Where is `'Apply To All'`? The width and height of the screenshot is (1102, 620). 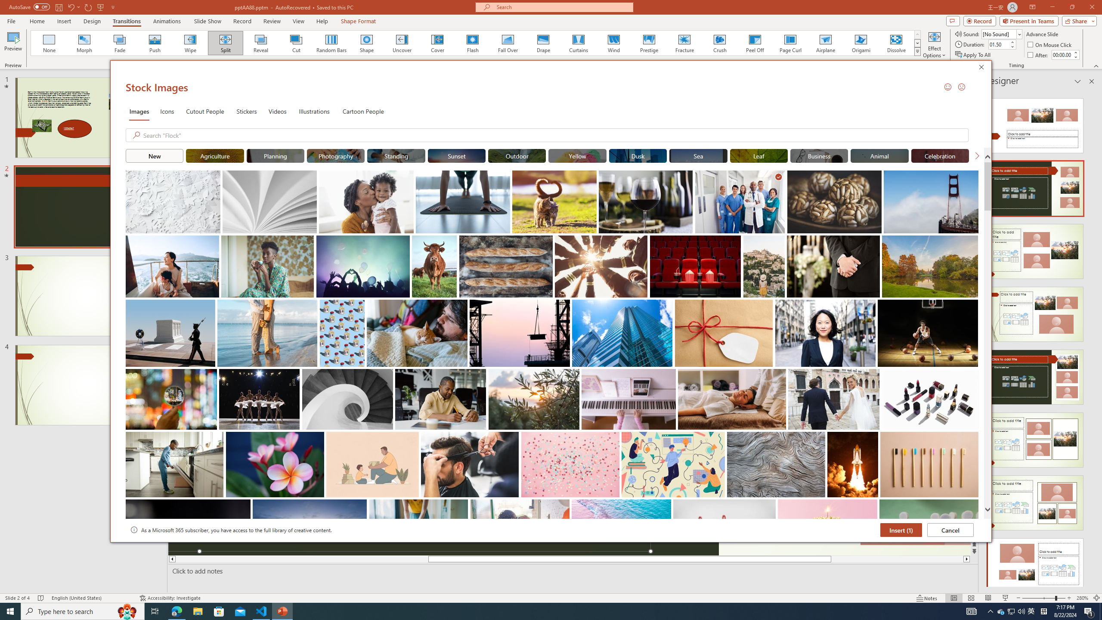
'Apply To All' is located at coordinates (974, 55).